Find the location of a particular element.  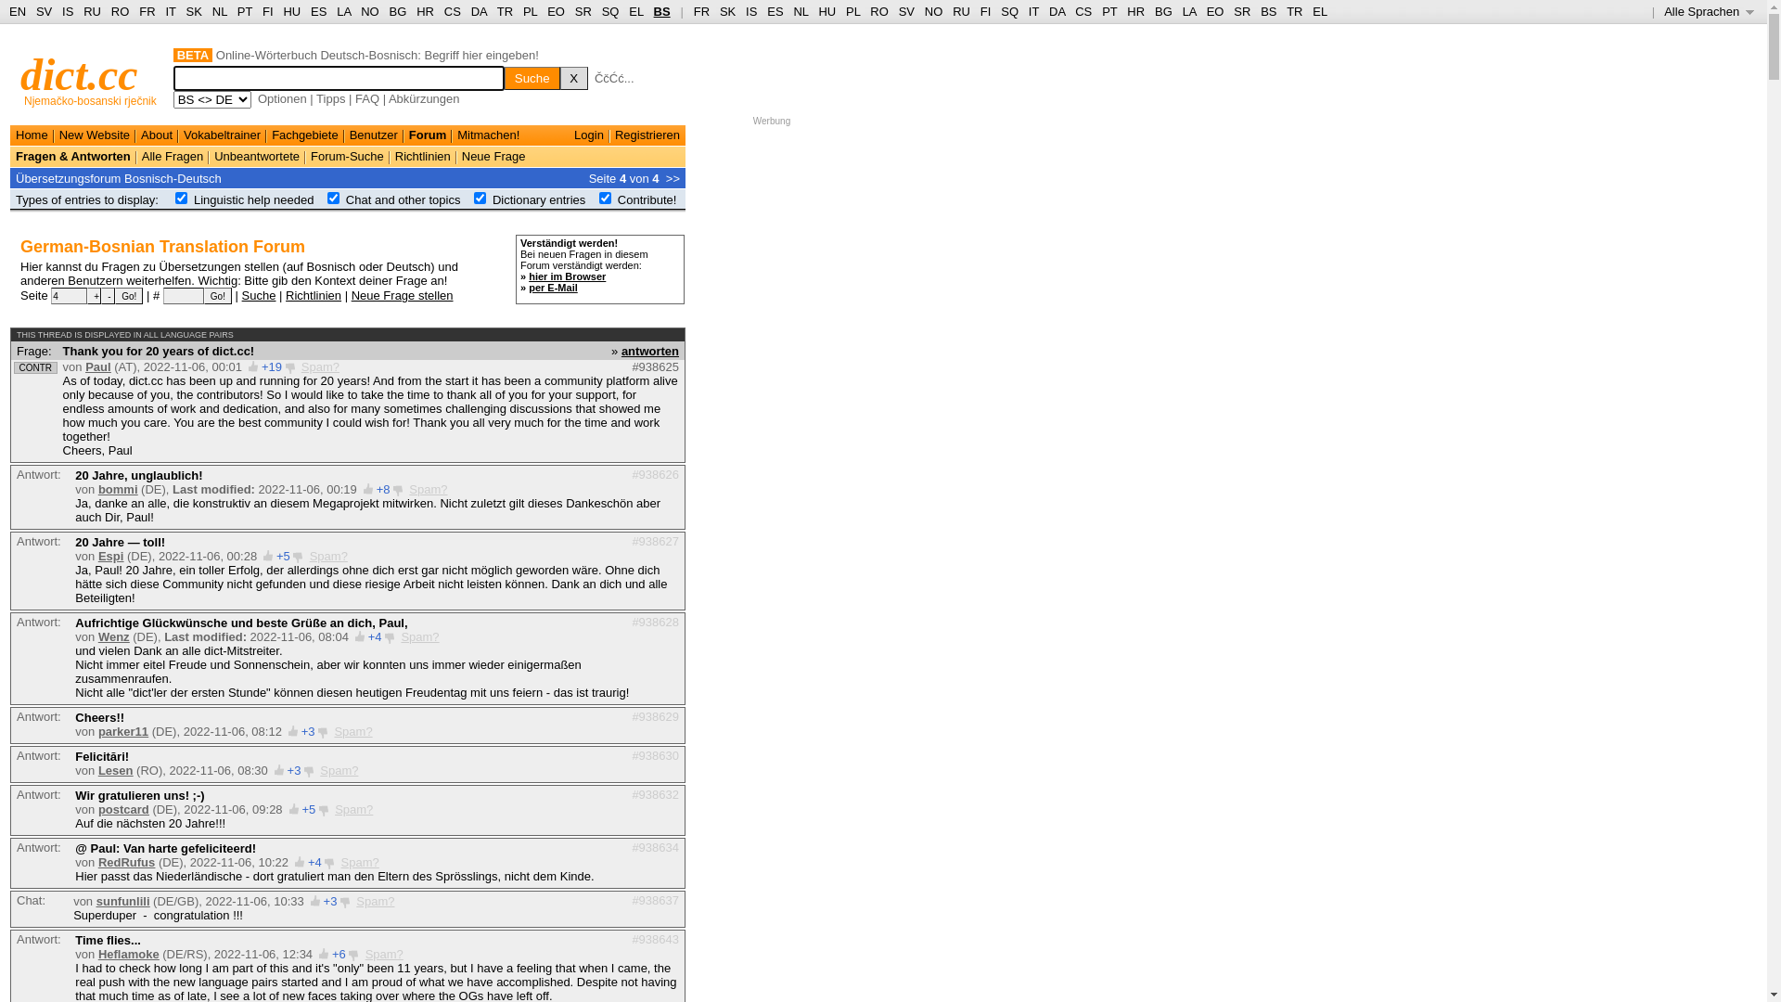

'#938625' is located at coordinates (655, 366).